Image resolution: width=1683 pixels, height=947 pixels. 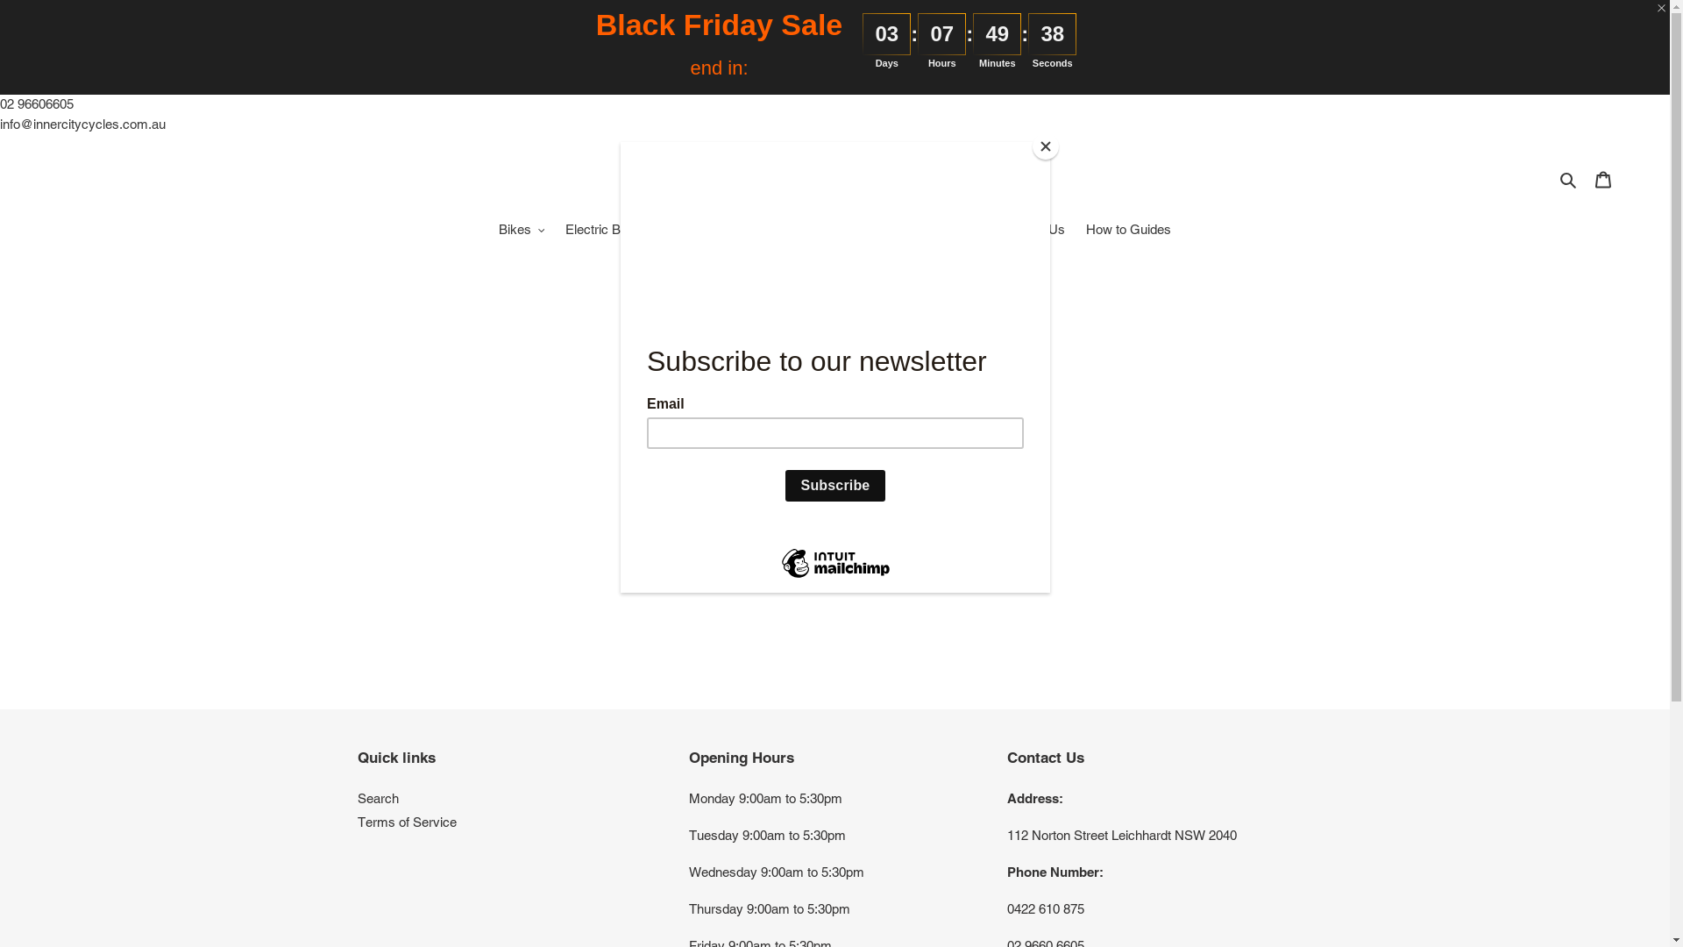 What do you see at coordinates (521, 229) in the screenshot?
I see `'Bikes'` at bounding box center [521, 229].